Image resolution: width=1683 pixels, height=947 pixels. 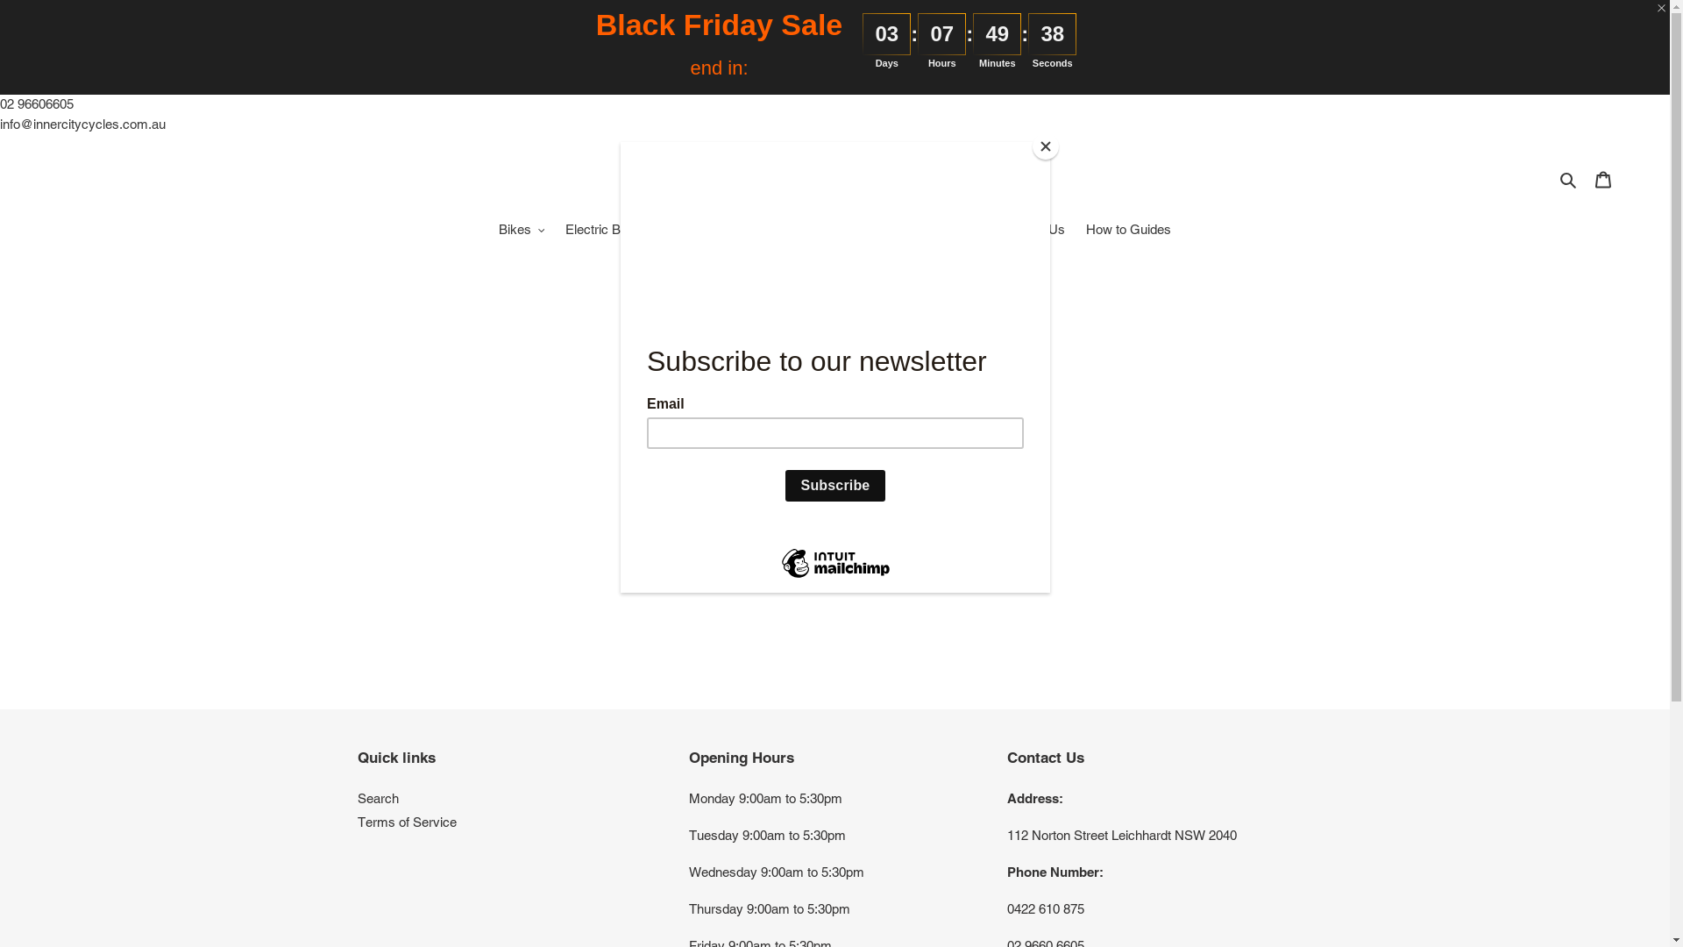 What do you see at coordinates (521, 229) in the screenshot?
I see `'Bikes'` at bounding box center [521, 229].